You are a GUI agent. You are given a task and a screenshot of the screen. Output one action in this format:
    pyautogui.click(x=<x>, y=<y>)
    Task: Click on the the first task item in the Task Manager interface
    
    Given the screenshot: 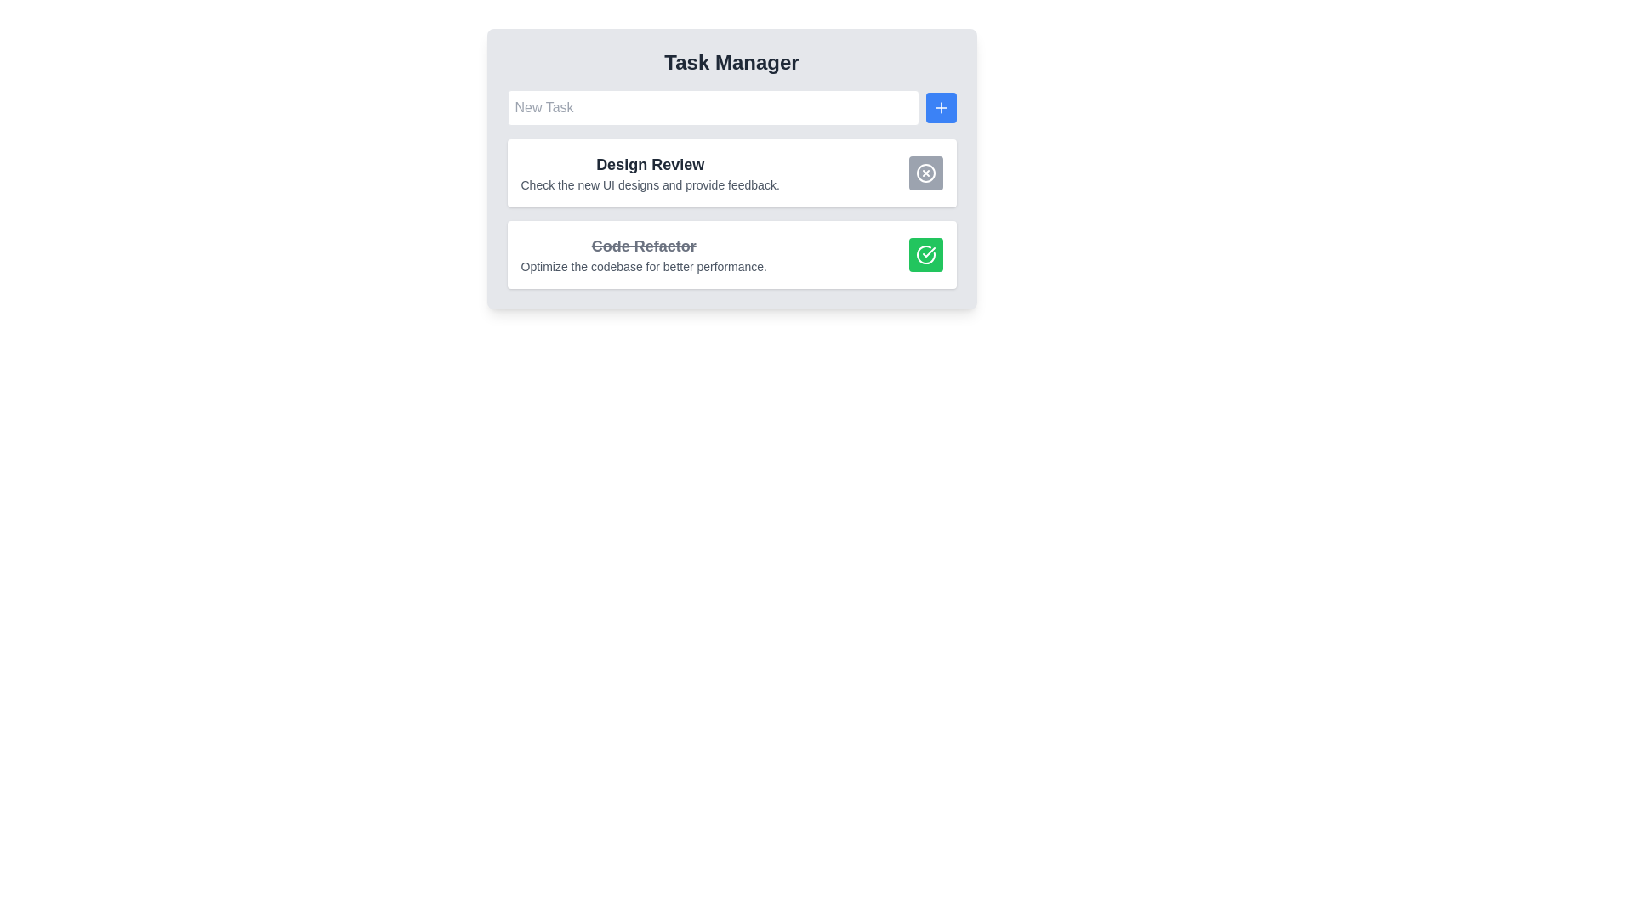 What is the action you would take?
    pyautogui.click(x=731, y=173)
    